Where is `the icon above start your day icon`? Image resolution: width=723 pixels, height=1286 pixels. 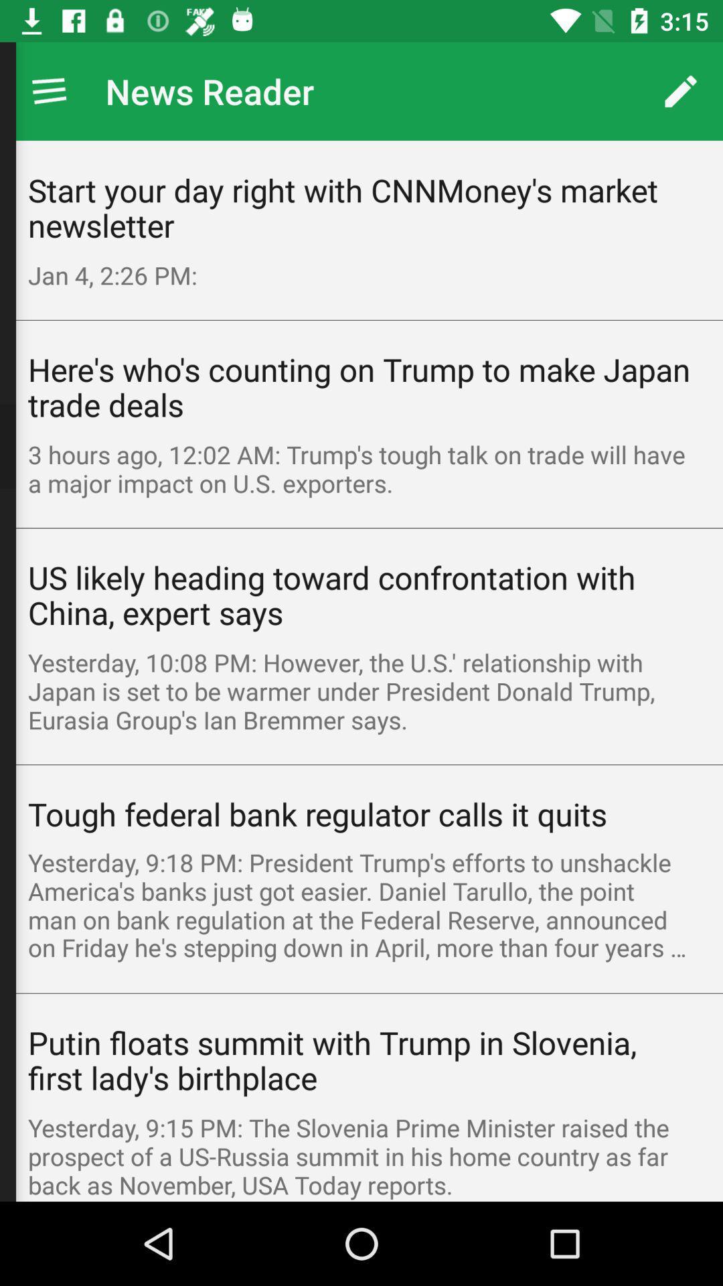
the icon above start your day icon is located at coordinates (681, 90).